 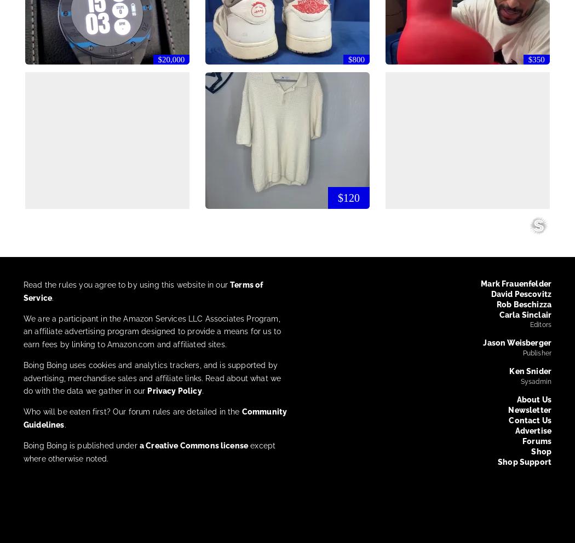 I want to click on 'Ken Snider', so click(x=530, y=371).